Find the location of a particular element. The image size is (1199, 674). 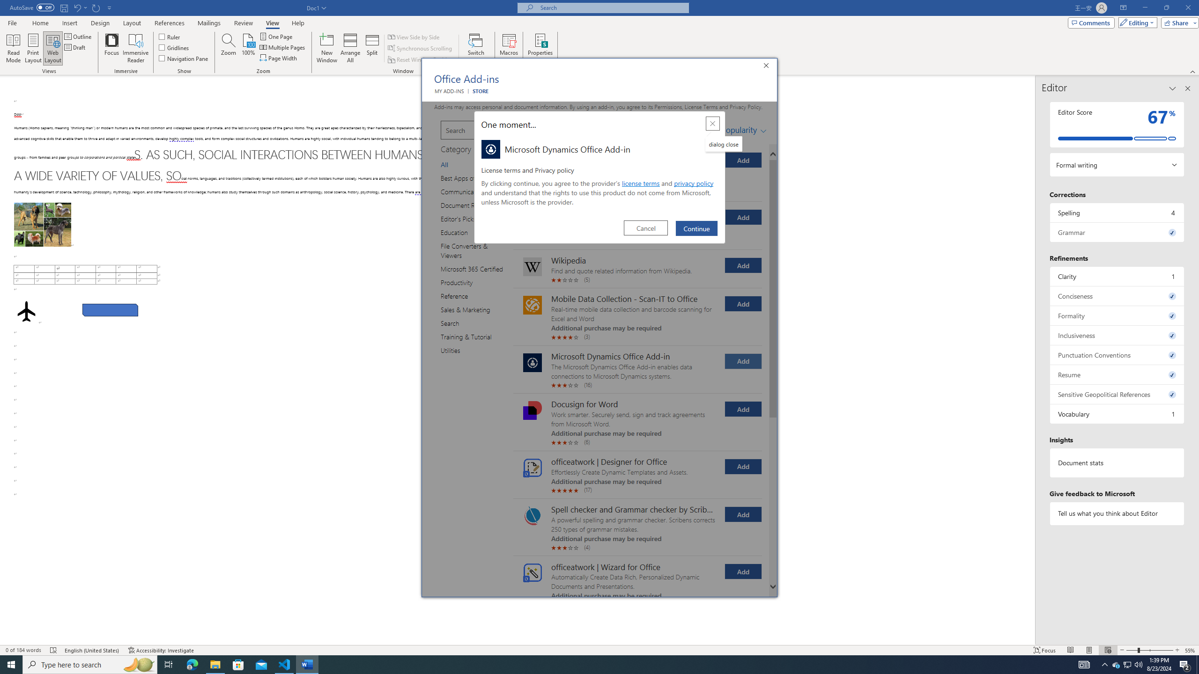

'Zoom...' is located at coordinates (228, 48).